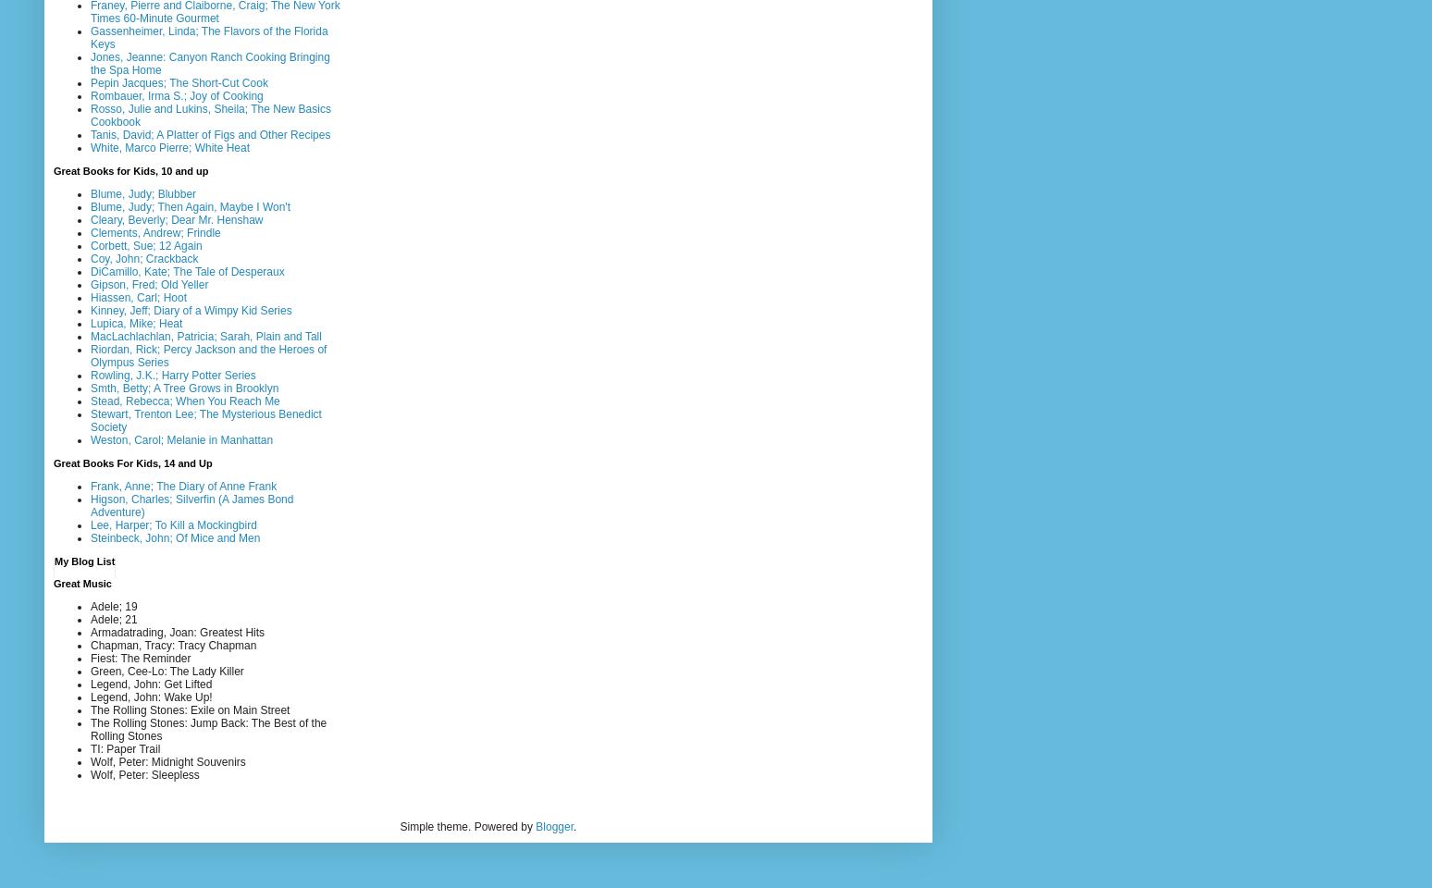 This screenshot has width=1432, height=888. I want to click on 'TI: Paper Trail', so click(125, 747).